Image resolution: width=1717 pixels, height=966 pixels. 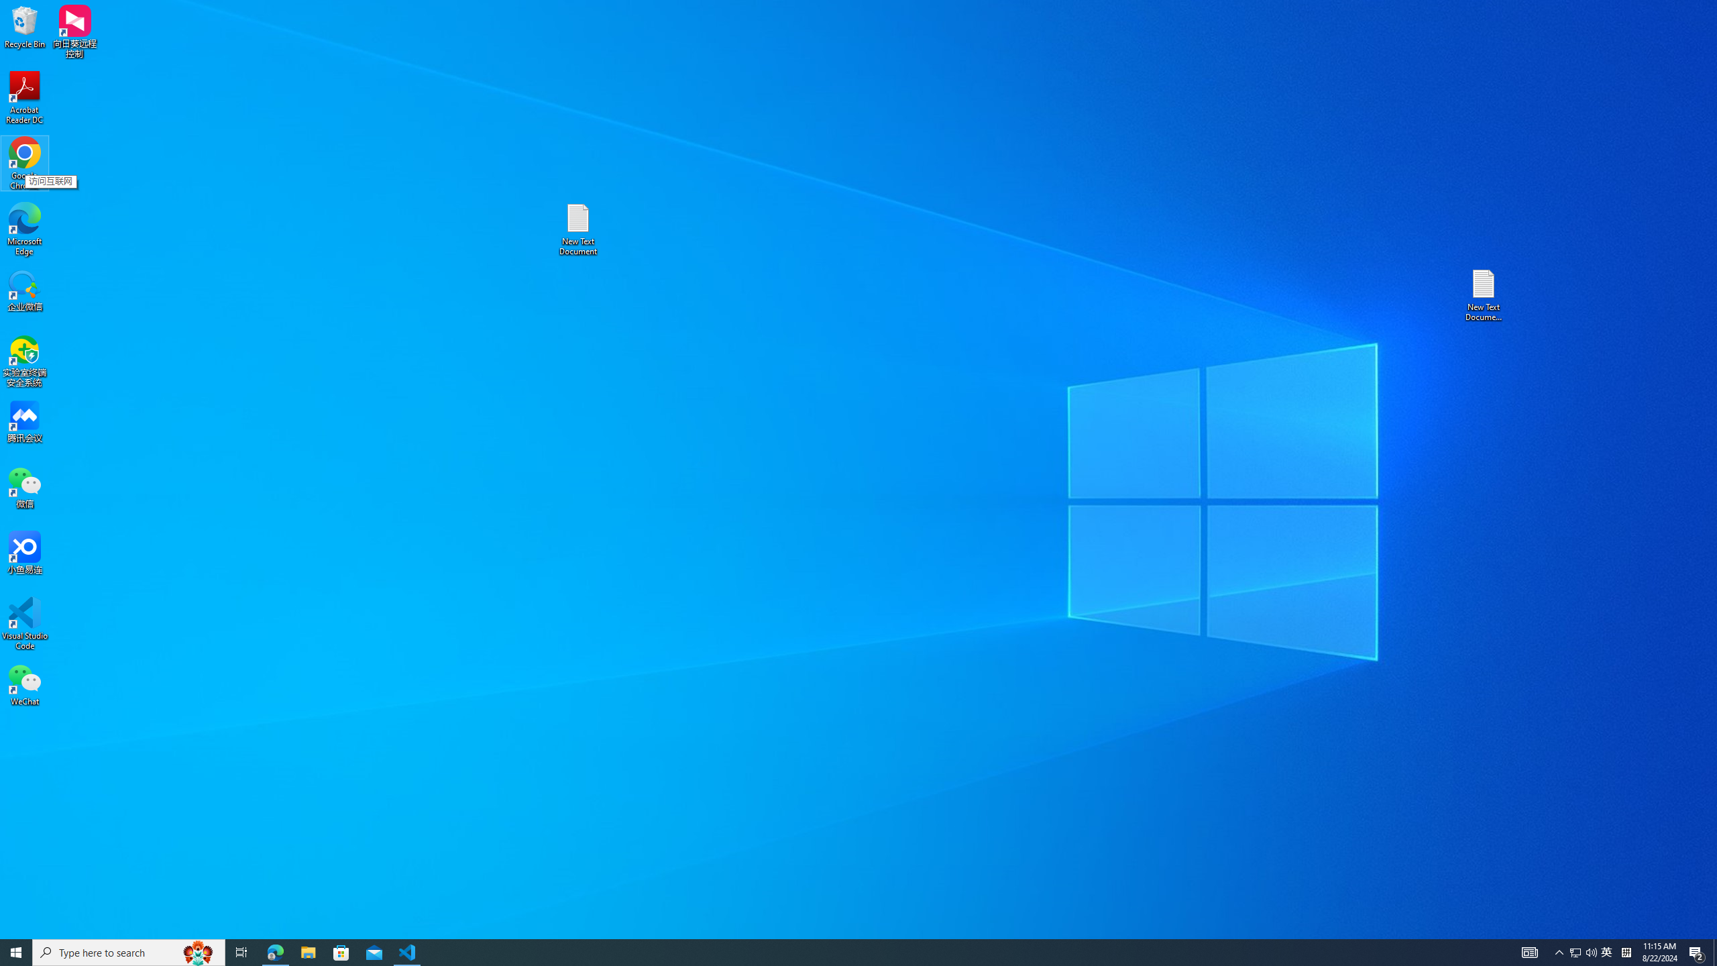 I want to click on 'Task View', so click(x=240, y=951).